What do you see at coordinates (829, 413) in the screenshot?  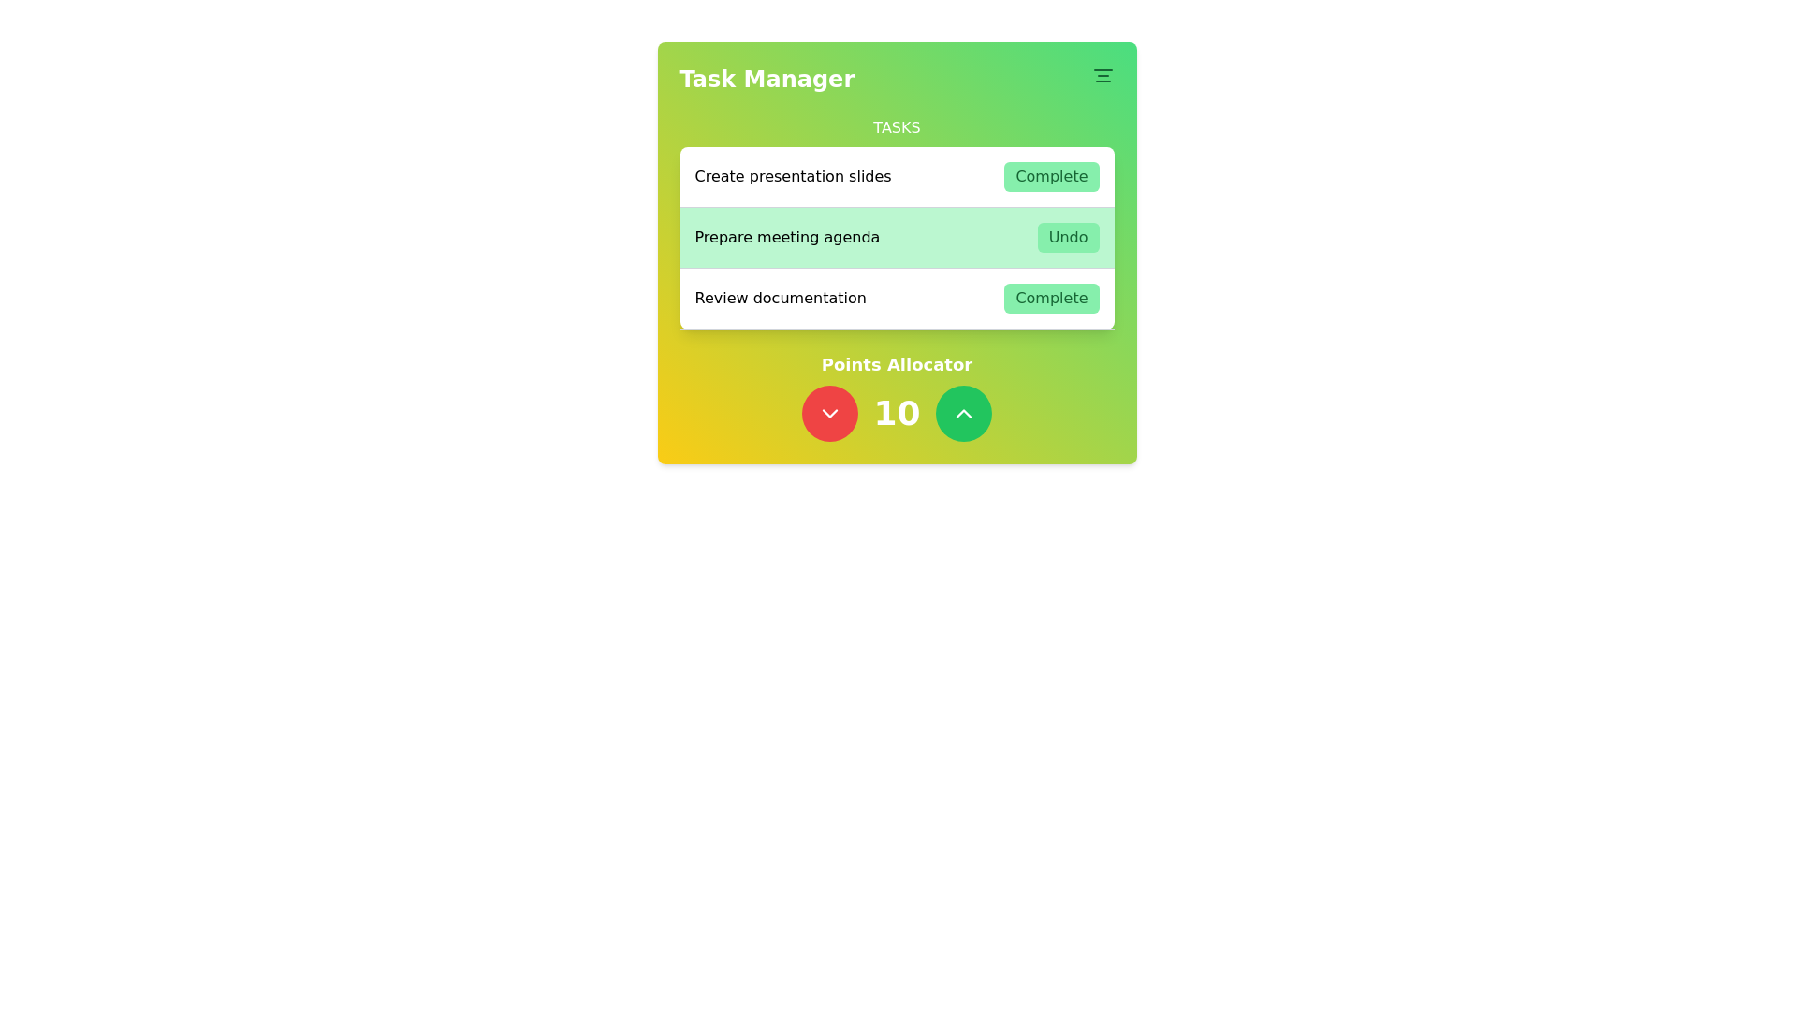 I see `the circular red button with a white downward arrow icon located in the 'Points Allocator' section` at bounding box center [829, 413].